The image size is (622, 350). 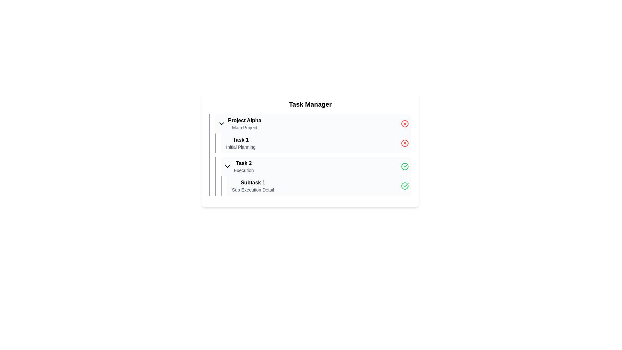 I want to click on the text label 'Main Project' styled in a smaller font size and lighter gray color, positioned below the 'Project Alpha' title within the task management interface, so click(x=244, y=127).